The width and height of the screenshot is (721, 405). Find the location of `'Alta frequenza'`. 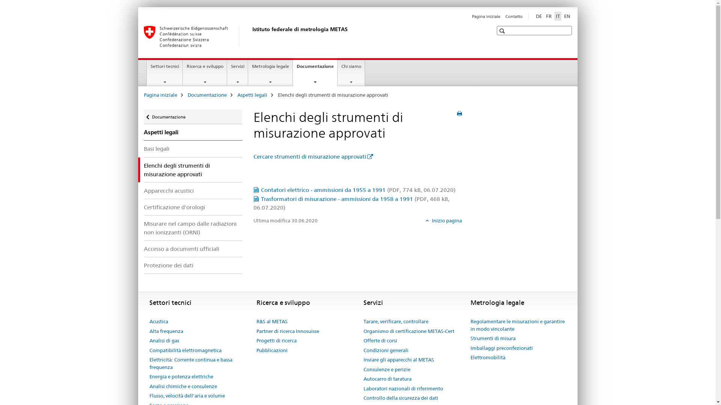

'Alta frequenza' is located at coordinates (166, 331).